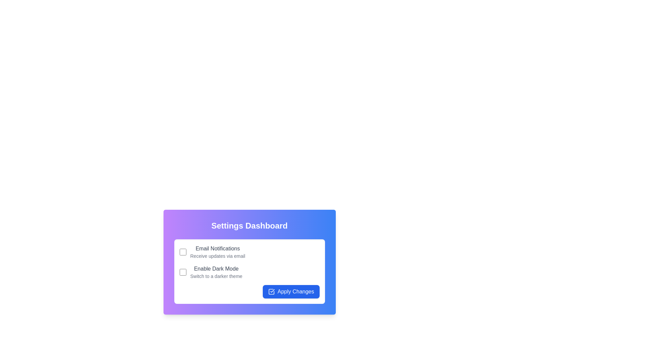 This screenshot has width=646, height=363. I want to click on the confirmation icon located on the left side inside the blue 'Apply Changes' button at the bottom right of the interface, so click(271, 291).